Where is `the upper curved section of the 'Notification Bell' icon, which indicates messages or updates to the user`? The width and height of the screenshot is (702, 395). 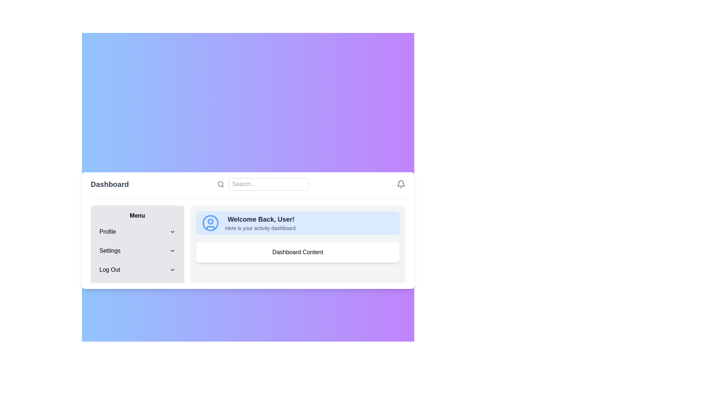
the upper curved section of the 'Notification Bell' icon, which indicates messages or updates to the user is located at coordinates (401, 183).